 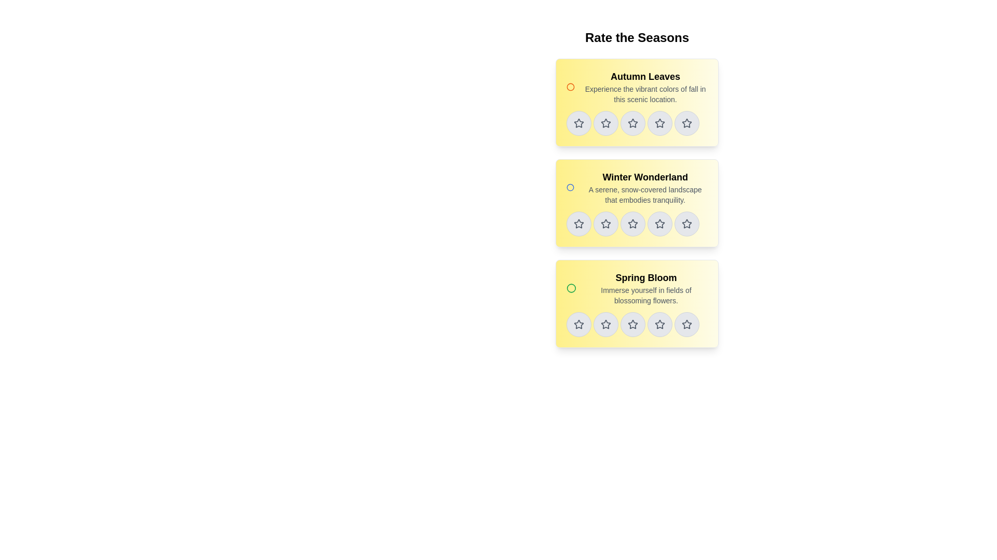 I want to click on the fifth star icon, so click(x=686, y=122).